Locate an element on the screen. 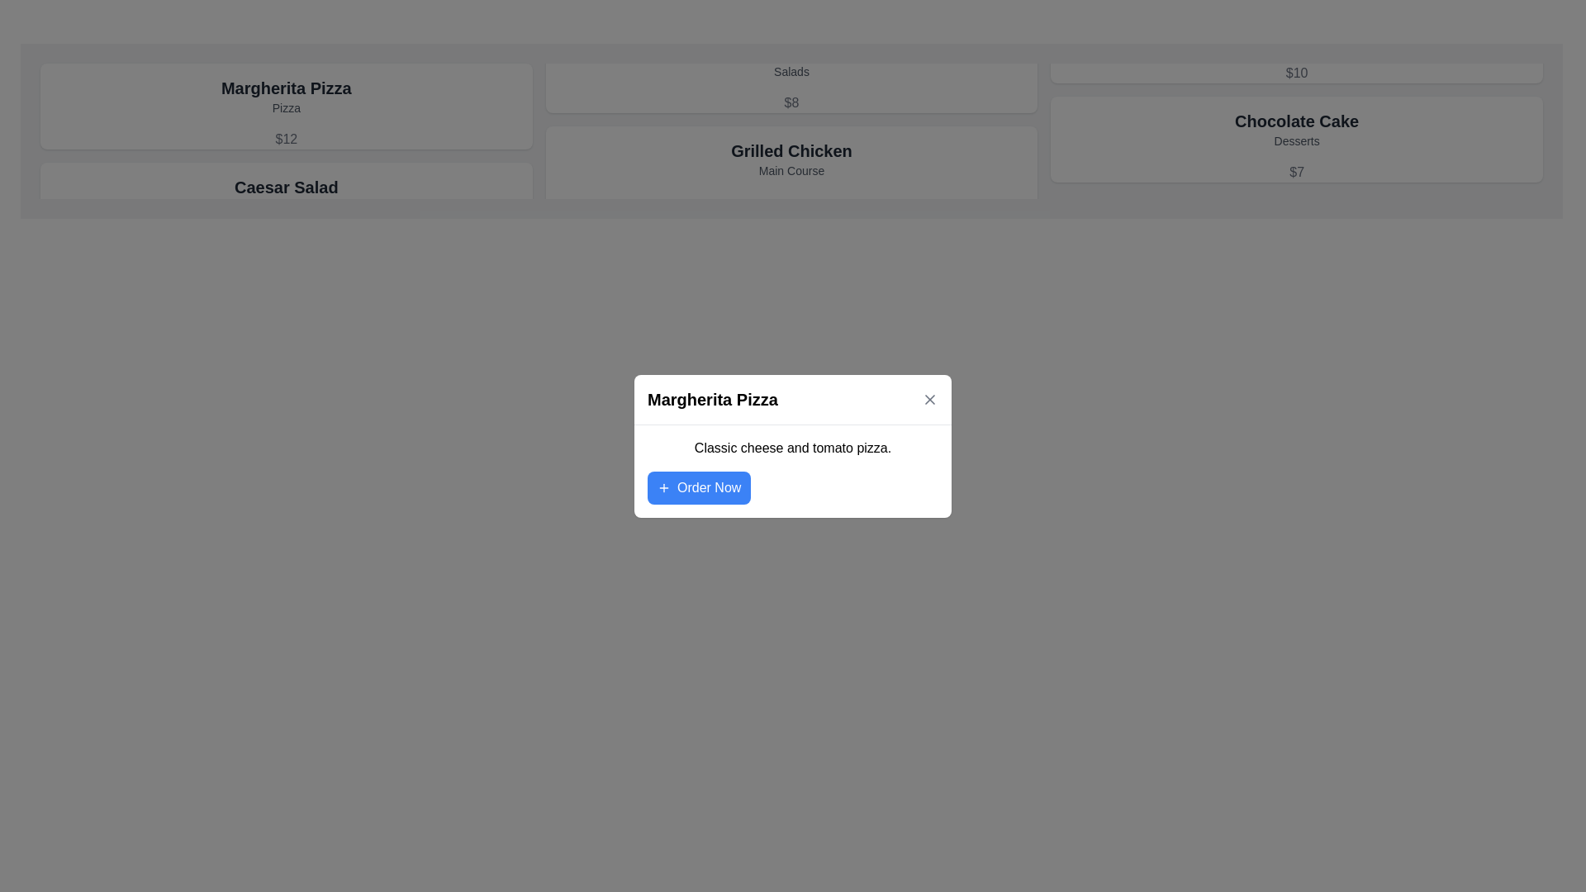  the Information Card at the top left of the food ordering interface is located at coordinates (286, 106).